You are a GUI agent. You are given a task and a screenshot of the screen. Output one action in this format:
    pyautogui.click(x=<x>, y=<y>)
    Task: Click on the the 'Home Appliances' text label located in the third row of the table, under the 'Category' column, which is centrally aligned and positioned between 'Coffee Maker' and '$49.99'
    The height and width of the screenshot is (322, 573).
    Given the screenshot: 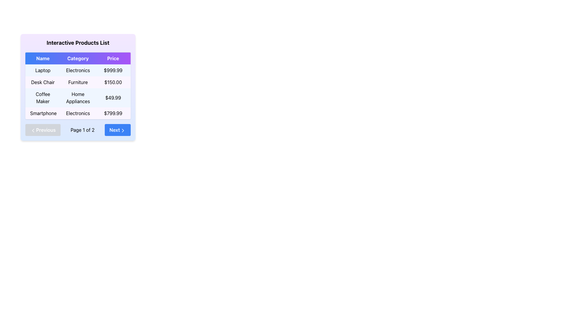 What is the action you would take?
    pyautogui.click(x=78, y=97)
    